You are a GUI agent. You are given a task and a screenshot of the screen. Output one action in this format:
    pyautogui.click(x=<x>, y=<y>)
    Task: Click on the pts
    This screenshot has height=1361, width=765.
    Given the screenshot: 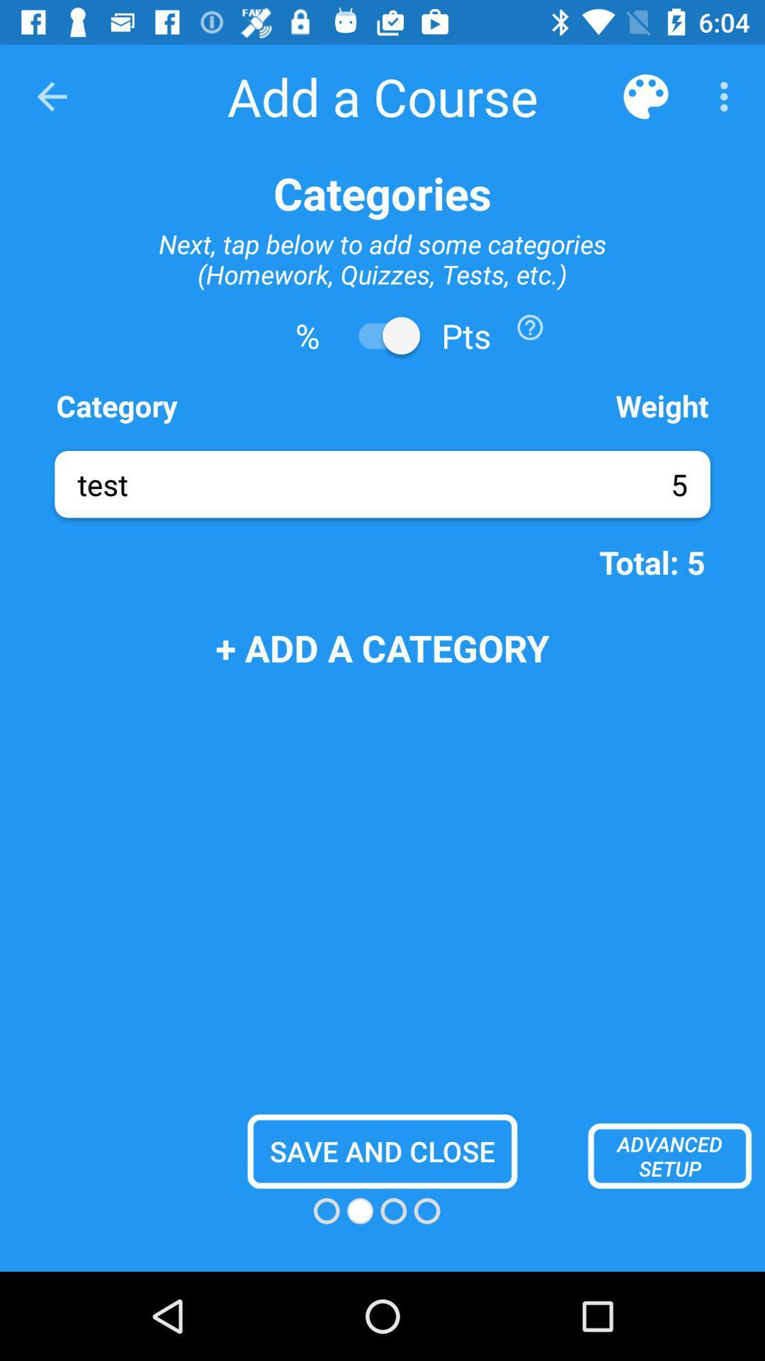 What is the action you would take?
    pyautogui.click(x=382, y=335)
    